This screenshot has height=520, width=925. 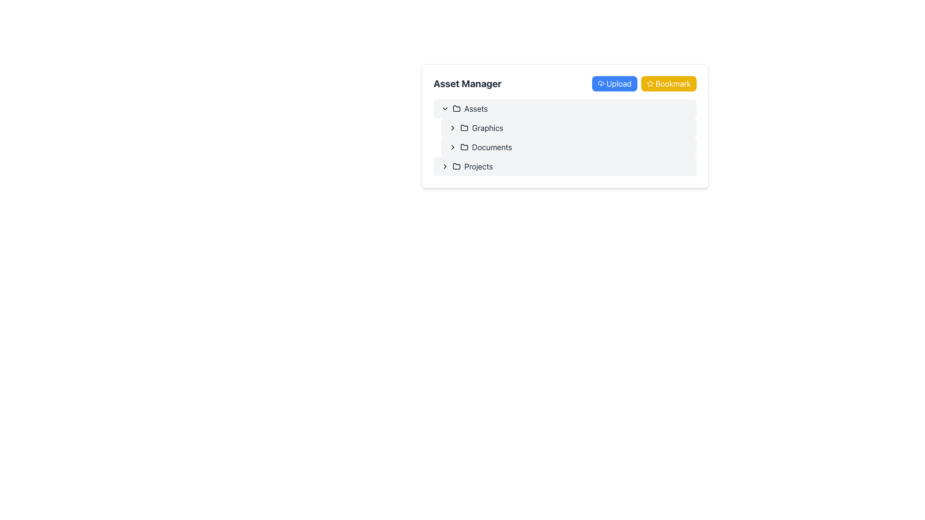 I want to click on the text 'Graphics' which is styled in gray font on a white background, part of a horizontal layout next to a folder icon, so click(x=488, y=128).